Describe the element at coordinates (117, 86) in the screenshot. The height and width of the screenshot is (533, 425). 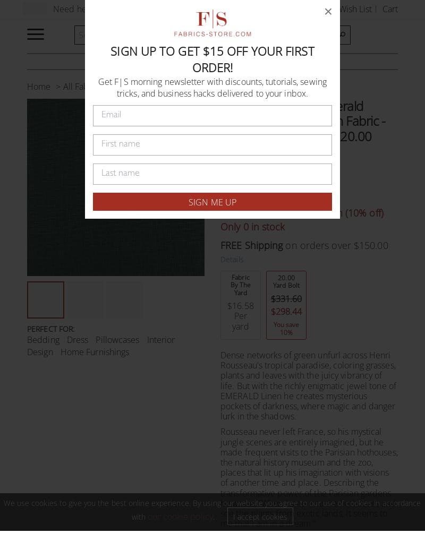
I see `'Linen                                Fabric'` at that location.